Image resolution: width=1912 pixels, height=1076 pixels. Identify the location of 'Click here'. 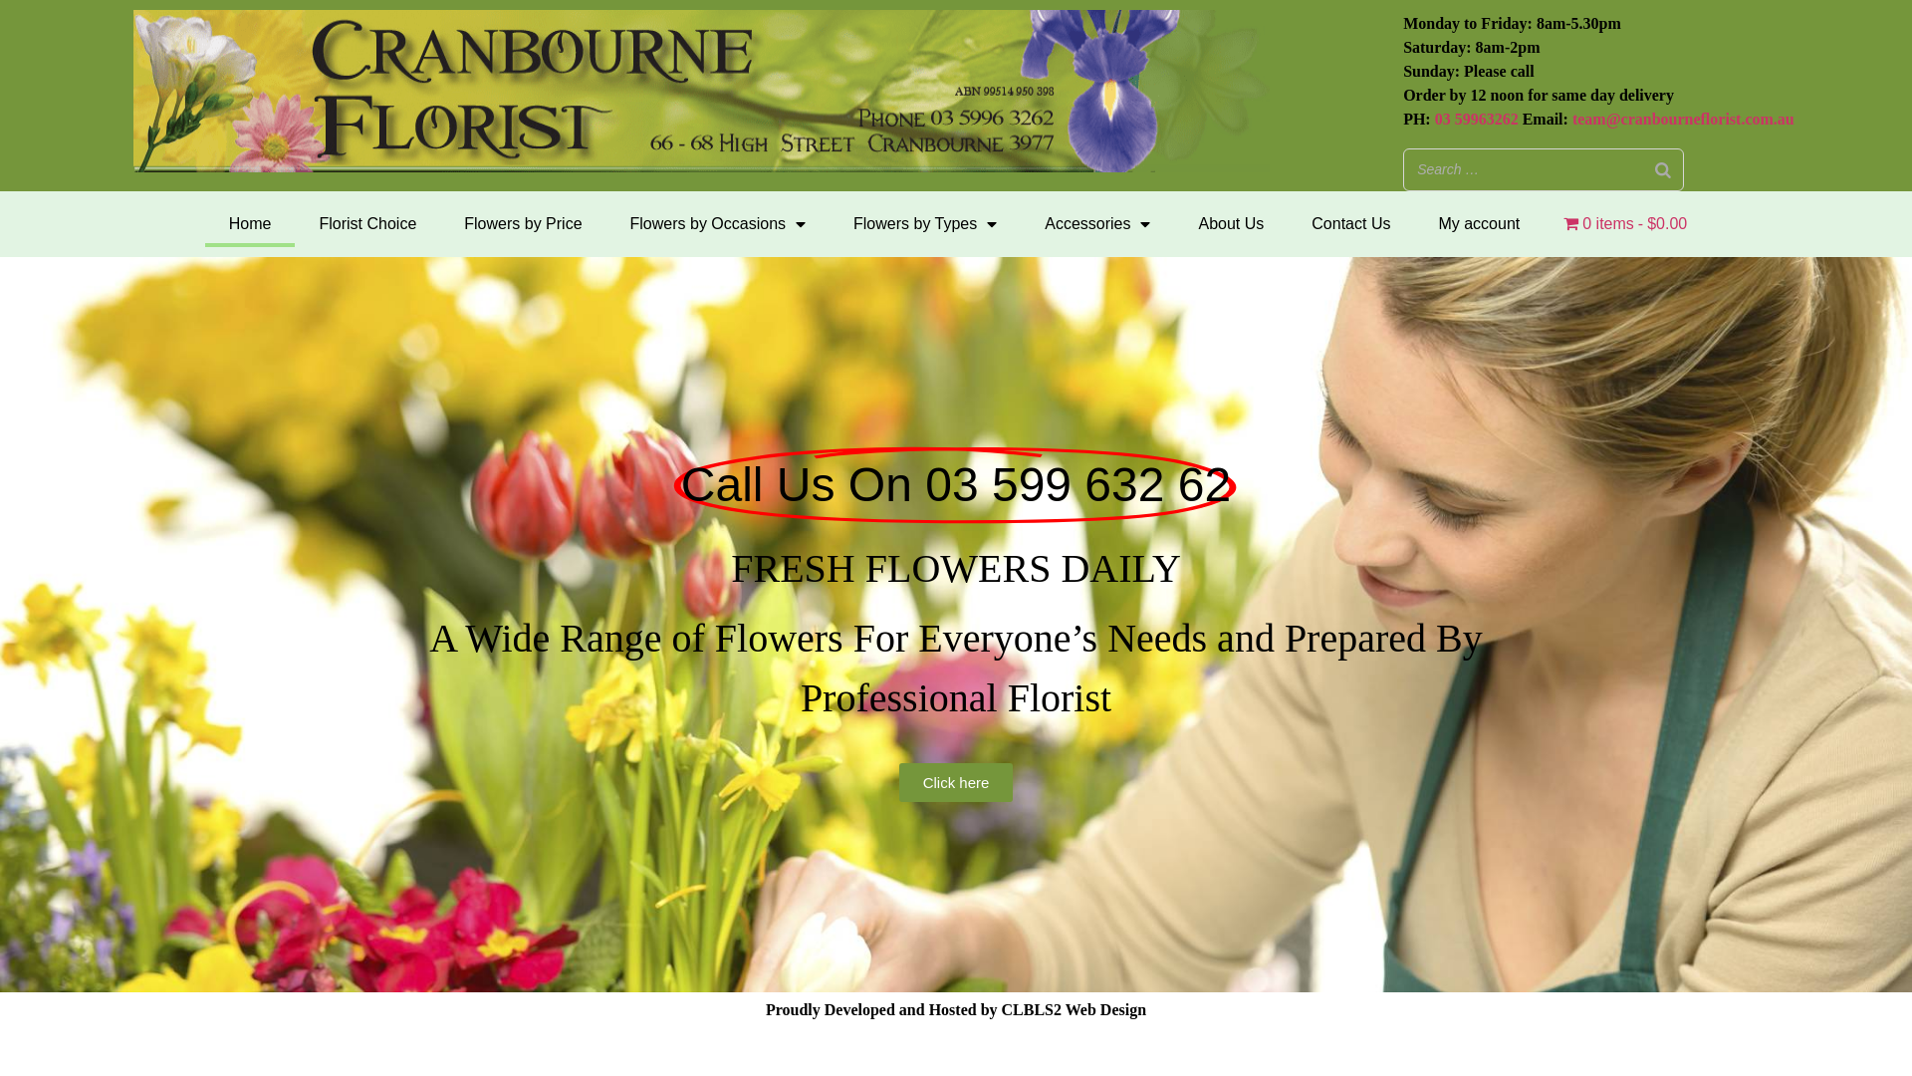
(956, 781).